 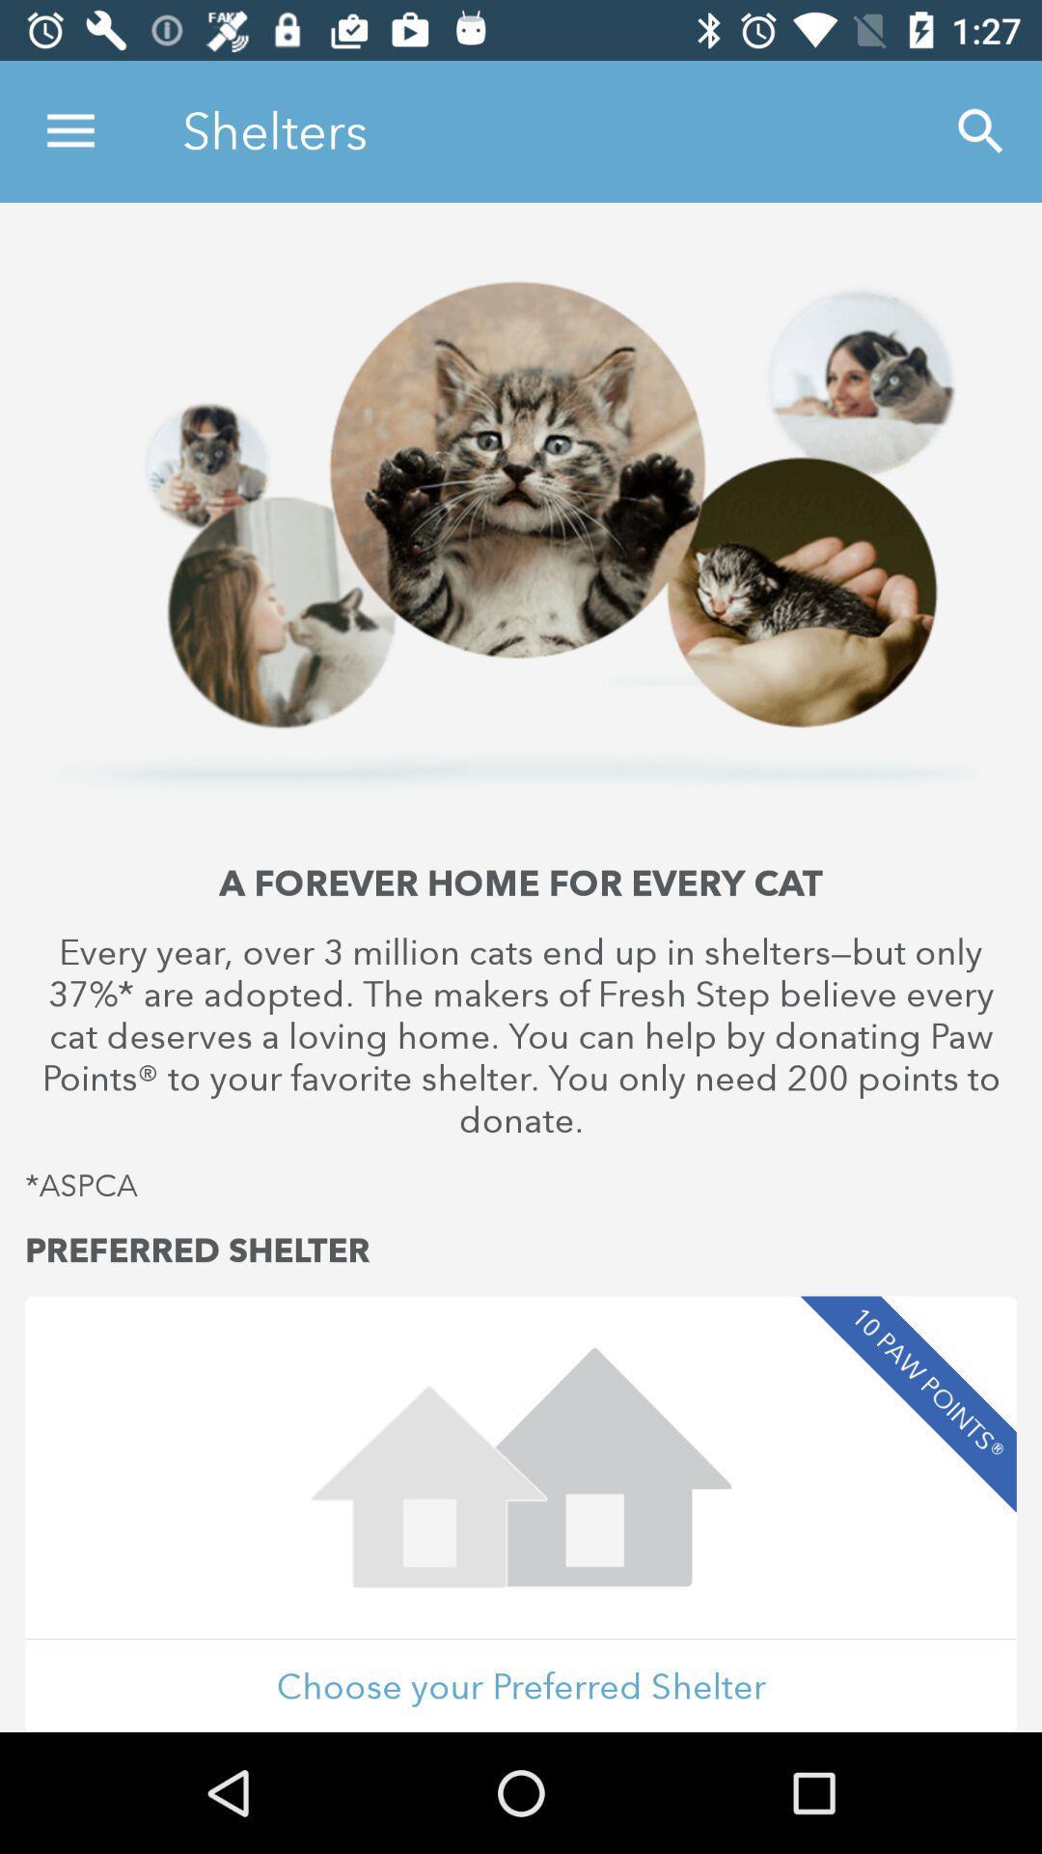 What do you see at coordinates (981, 130) in the screenshot?
I see `icon to the right of the shelters icon` at bounding box center [981, 130].